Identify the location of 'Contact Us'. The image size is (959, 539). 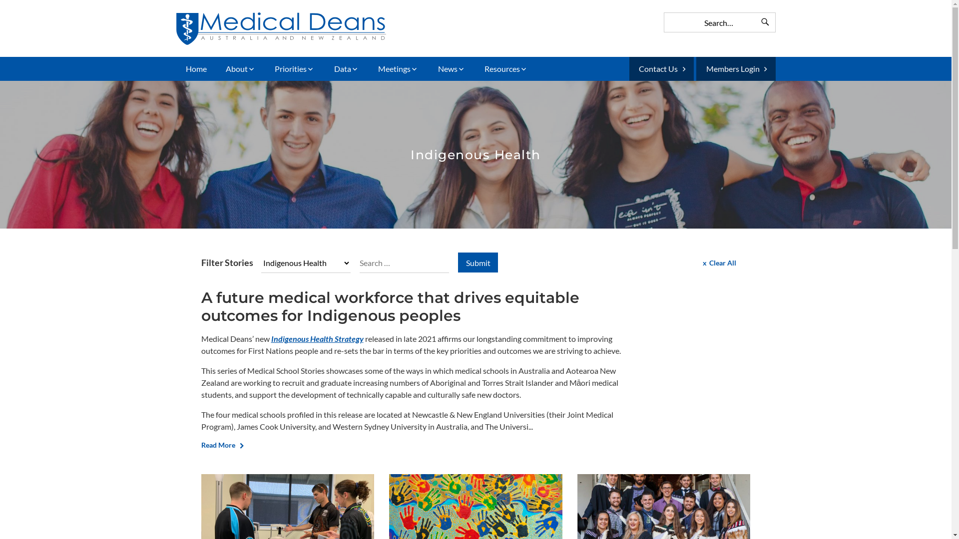
(661, 68).